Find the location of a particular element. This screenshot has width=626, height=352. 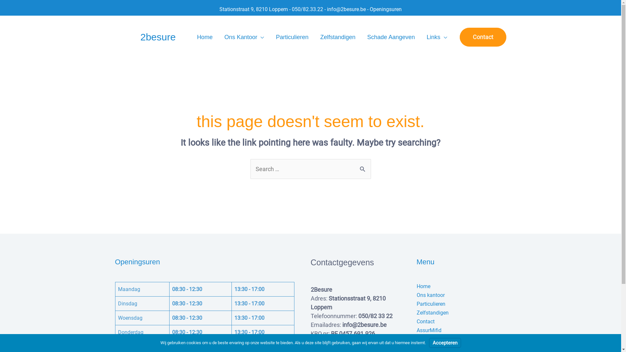

'Accepteren' is located at coordinates (429, 343).